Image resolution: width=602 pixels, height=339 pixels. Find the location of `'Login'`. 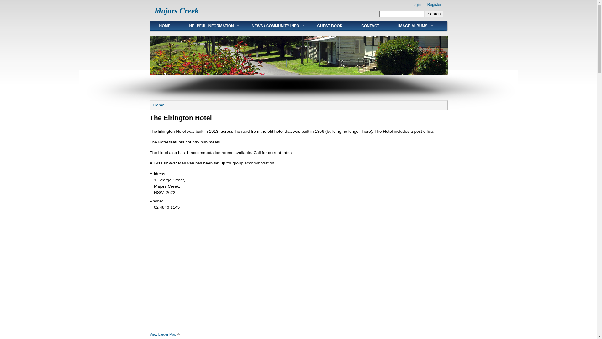

'Login' is located at coordinates (416, 5).